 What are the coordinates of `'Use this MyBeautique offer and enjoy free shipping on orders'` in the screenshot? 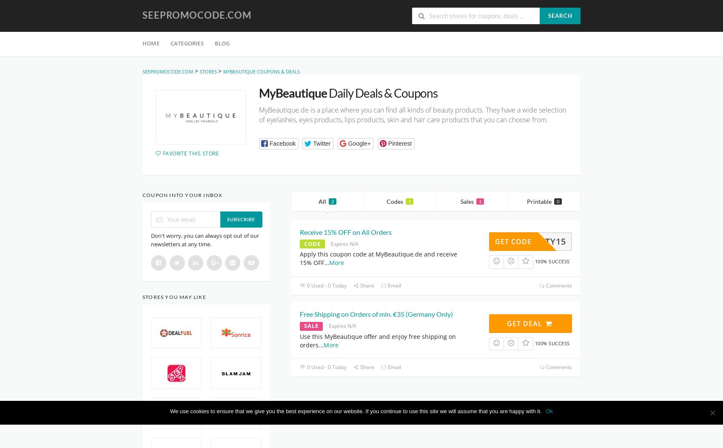 It's located at (299, 340).